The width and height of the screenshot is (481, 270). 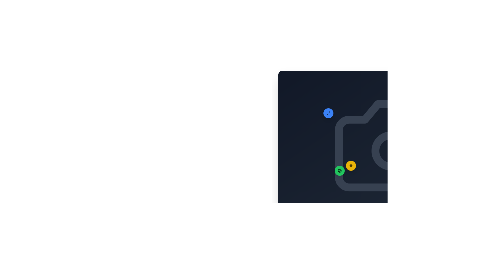 What do you see at coordinates (328, 113) in the screenshot?
I see `the small square-shaped icon with diagonal arrows on a blue background located within a circular button in the top-right corner` at bounding box center [328, 113].